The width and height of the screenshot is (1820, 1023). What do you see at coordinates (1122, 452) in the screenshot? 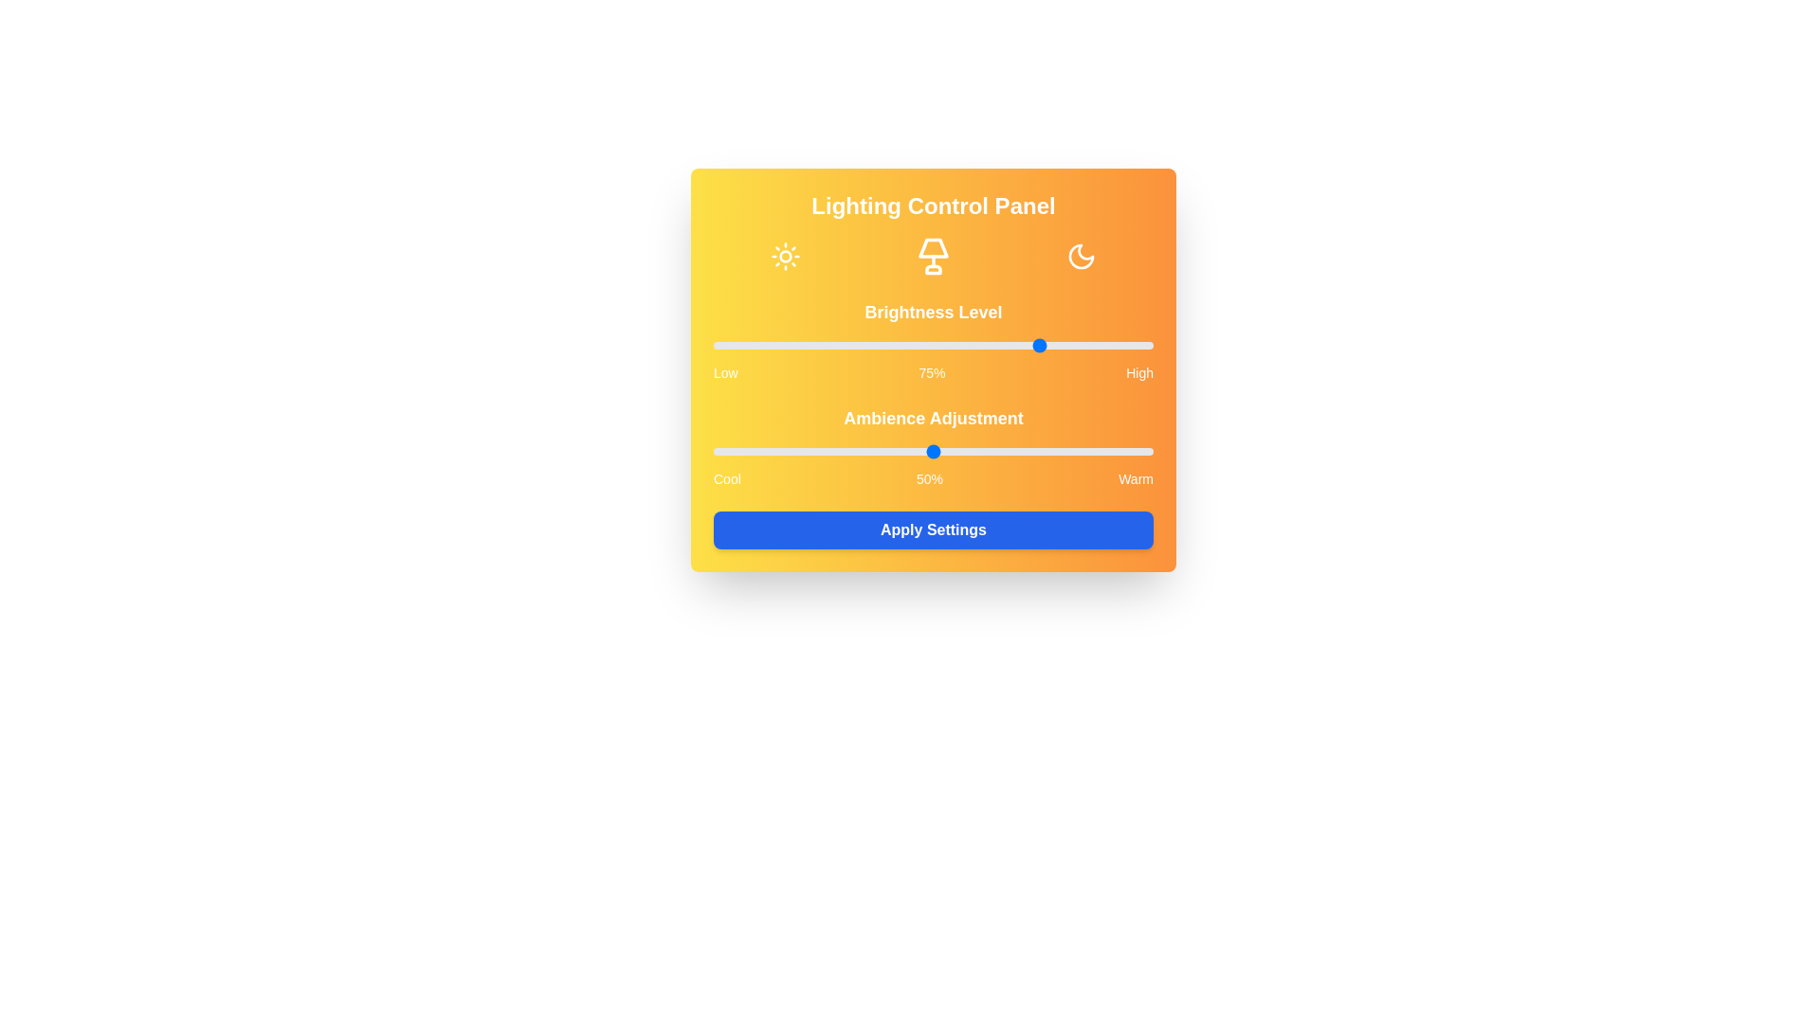
I see `the ambiance level to 93% by adjusting the slider` at bounding box center [1122, 452].